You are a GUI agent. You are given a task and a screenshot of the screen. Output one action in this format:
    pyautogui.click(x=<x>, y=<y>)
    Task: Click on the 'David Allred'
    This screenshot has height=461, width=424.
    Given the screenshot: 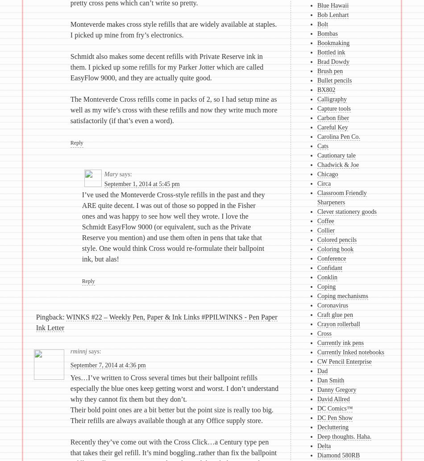 What is the action you would take?
    pyautogui.click(x=333, y=399)
    